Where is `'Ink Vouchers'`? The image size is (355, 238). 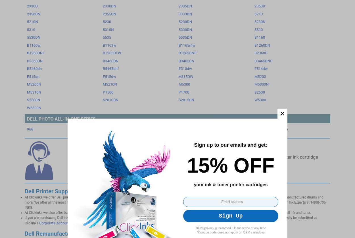 'Ink Vouchers' is located at coordinates (118, 15).